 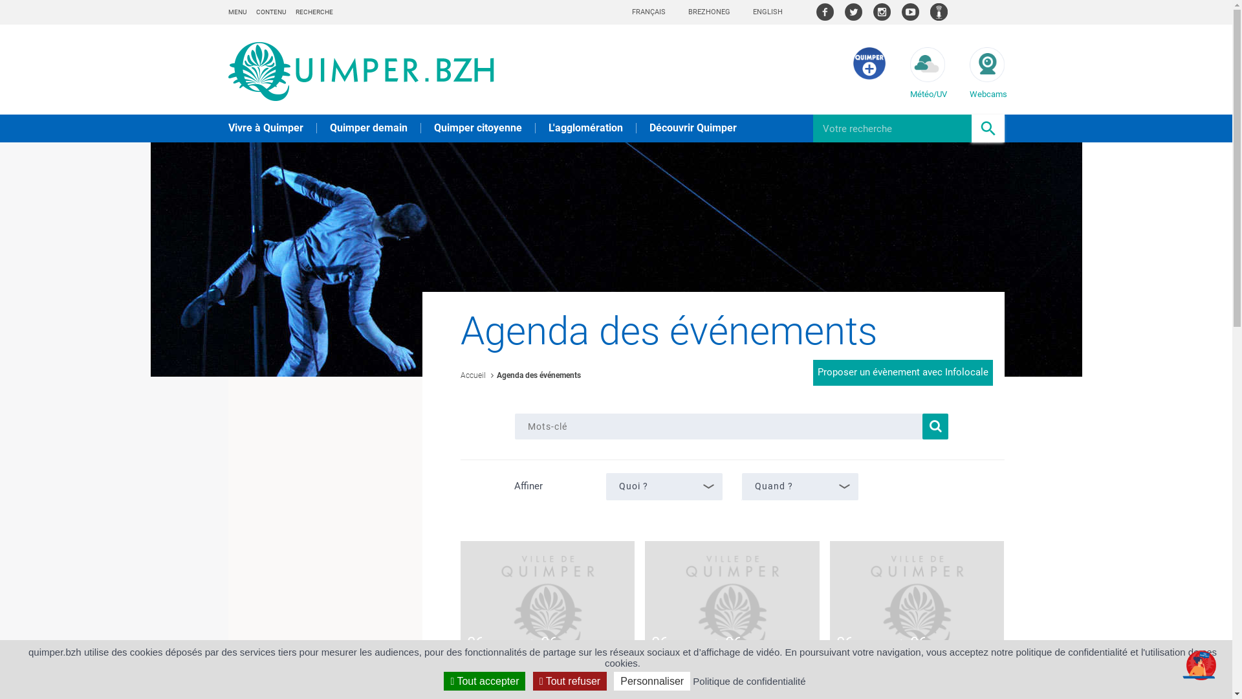 What do you see at coordinates (483, 680) in the screenshot?
I see `'Tout accepter'` at bounding box center [483, 680].